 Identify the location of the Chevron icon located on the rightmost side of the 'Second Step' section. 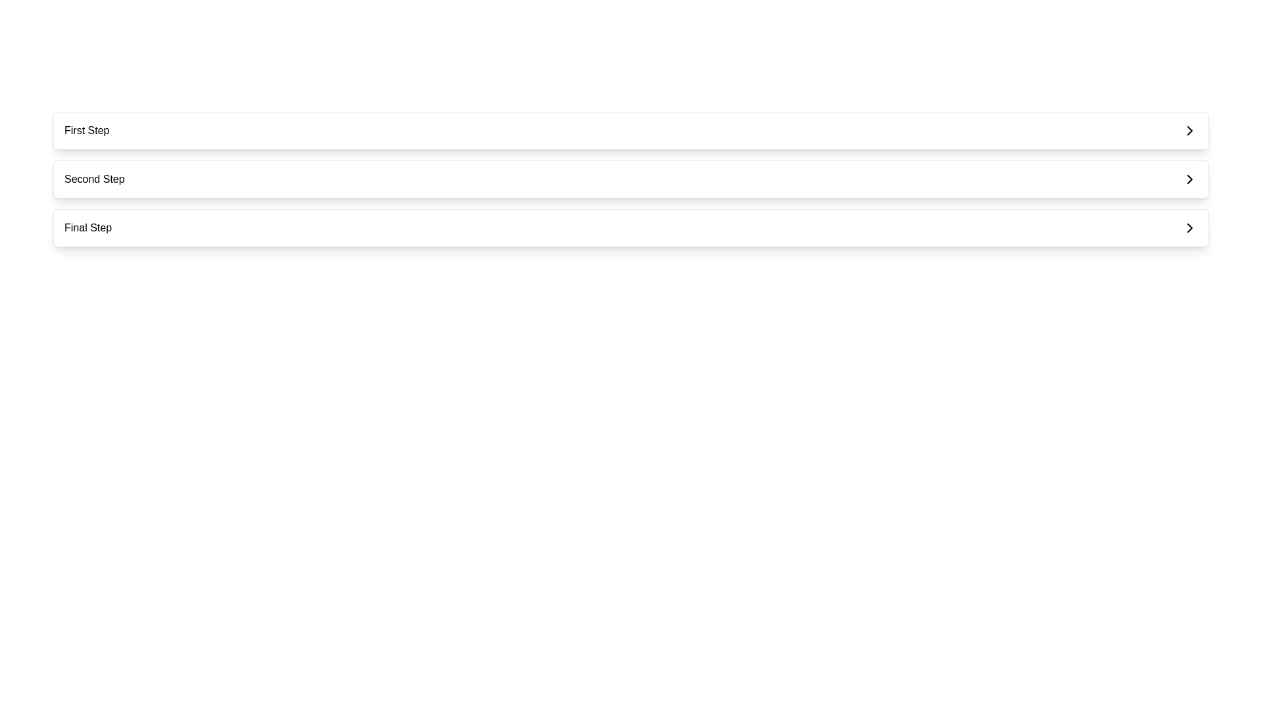
(1190, 179).